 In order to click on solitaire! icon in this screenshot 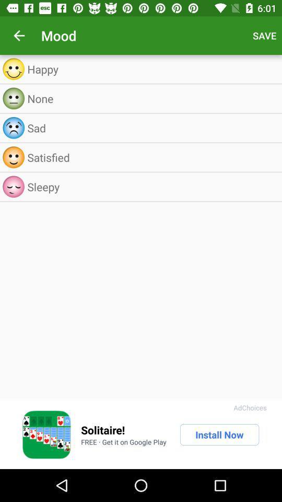, I will do `click(103, 430)`.